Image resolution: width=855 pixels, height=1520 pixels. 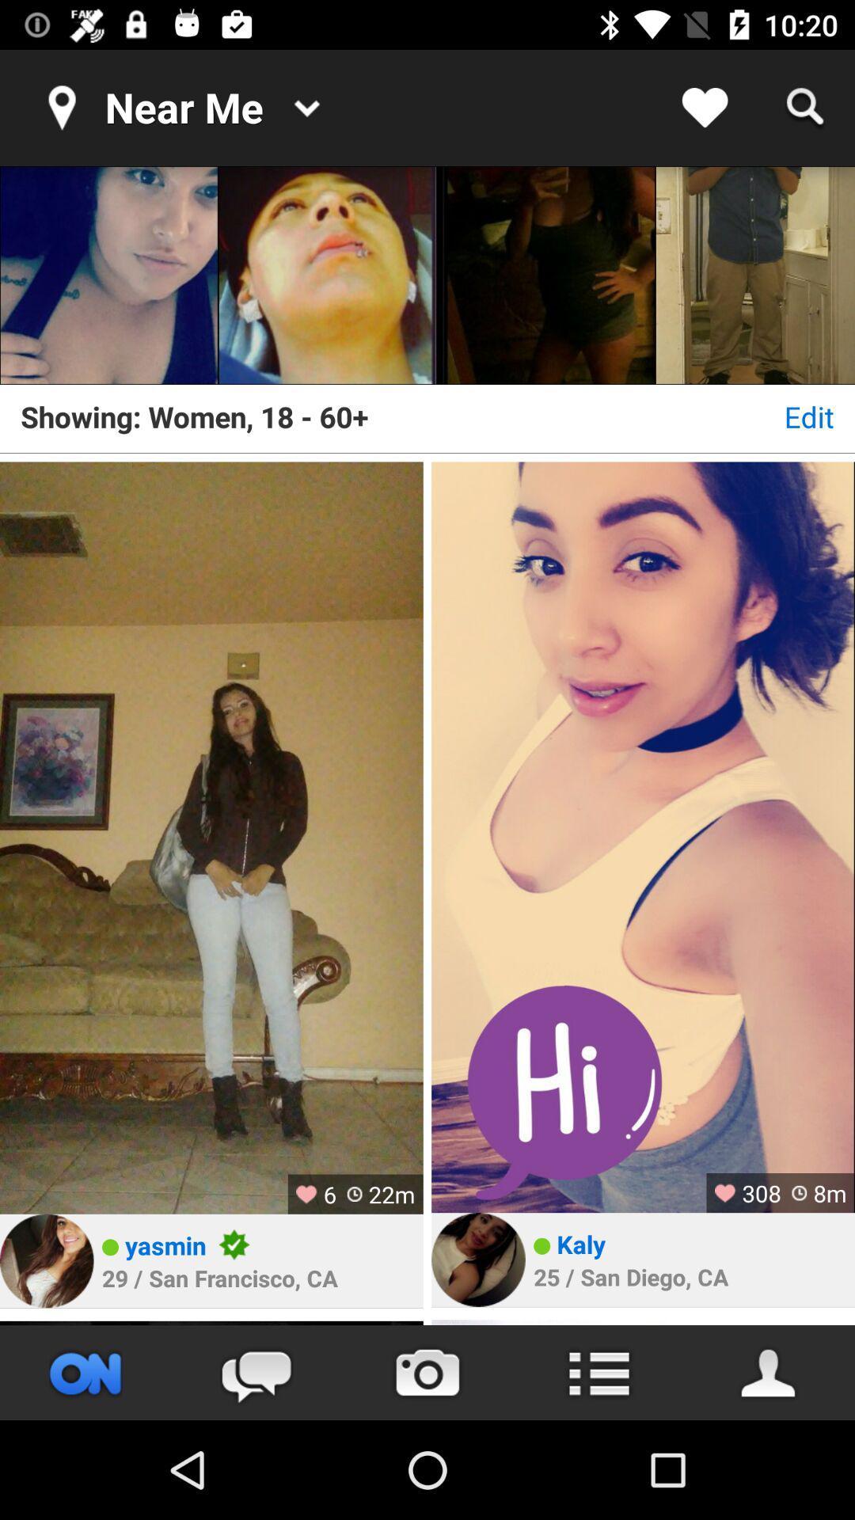 I want to click on photo of girl, so click(x=326, y=275).